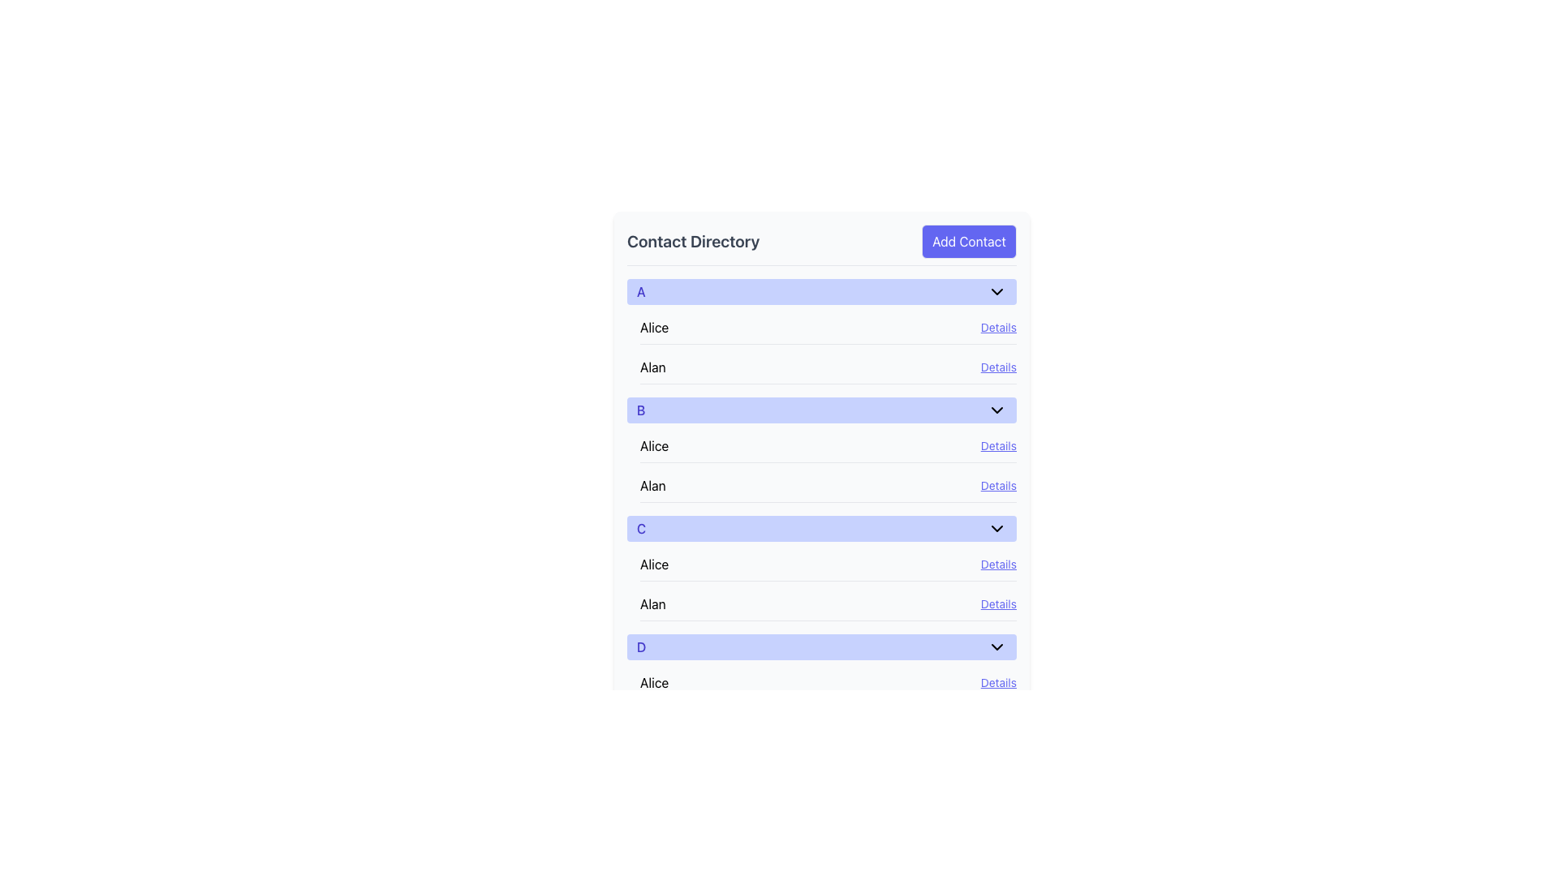 The image size is (1558, 876). Describe the element at coordinates (969, 241) in the screenshot. I see `the rectangular indigo button with white text that reads 'Add Contact' to observe the hover effect` at that location.